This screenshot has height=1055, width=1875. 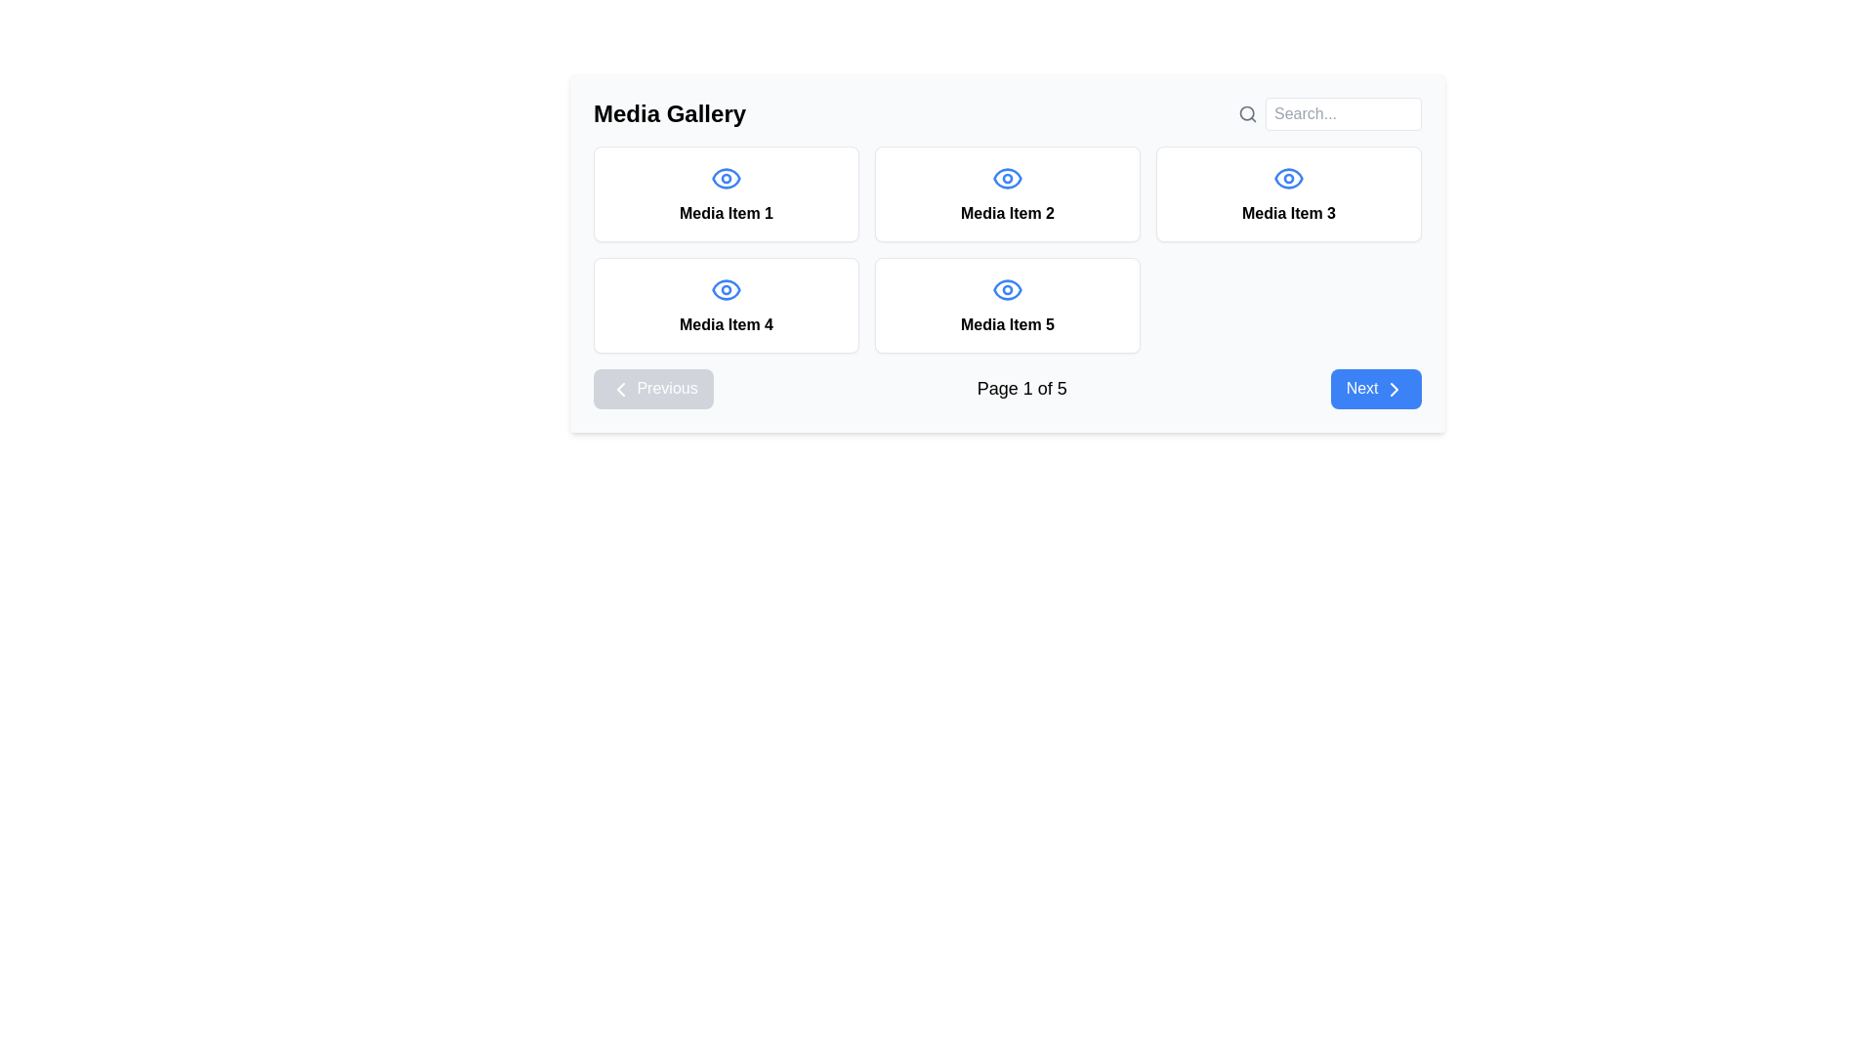 I want to click on the second card in the grid layout, which has a white background, thin grey borders, and contains the bold text 'Media Item 2' below a blue eye icon, so click(x=1008, y=194).